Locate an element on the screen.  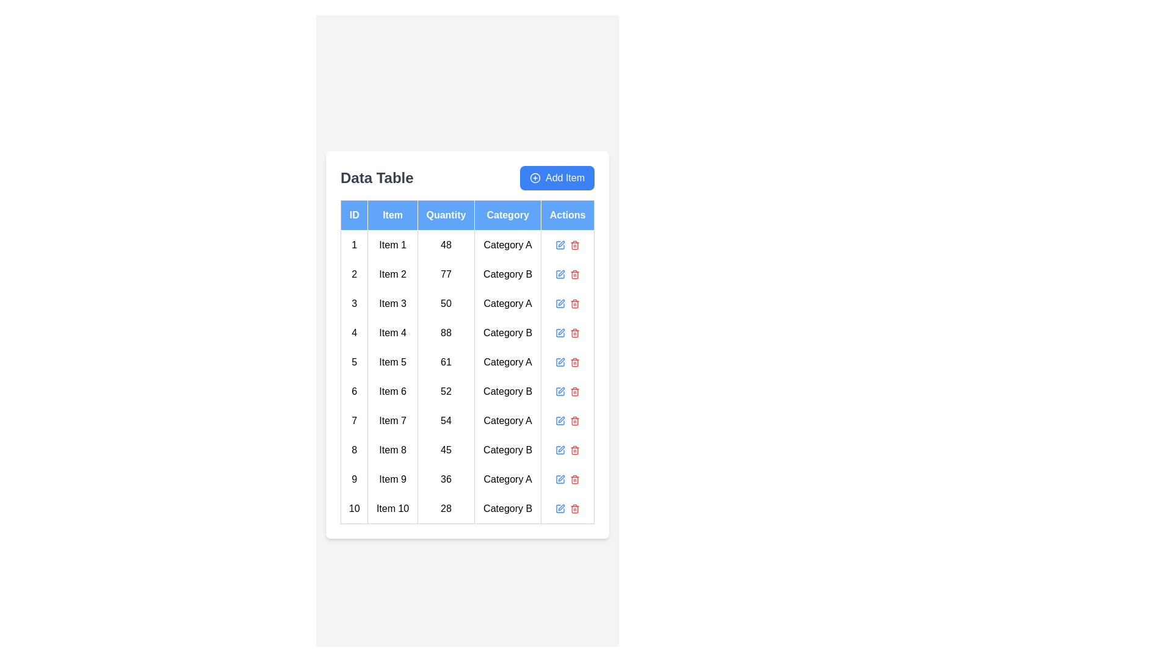
the blue edit icon in the actions column of the first row of the data table is located at coordinates (567, 245).